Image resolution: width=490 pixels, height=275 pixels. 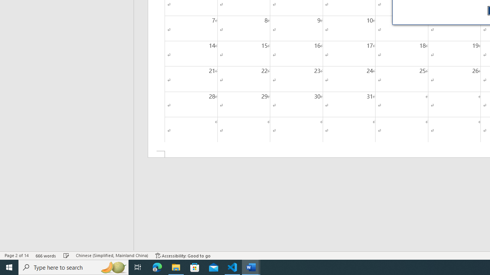 I want to click on 'Word - 2 running windows', so click(x=251, y=267).